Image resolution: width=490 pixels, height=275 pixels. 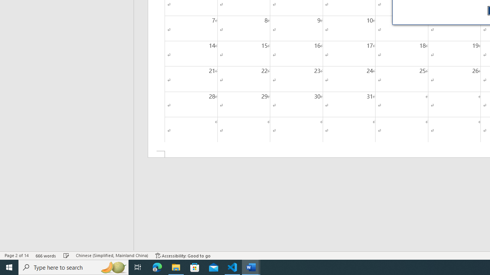 I want to click on 'Word - 2 running windows', so click(x=251, y=267).